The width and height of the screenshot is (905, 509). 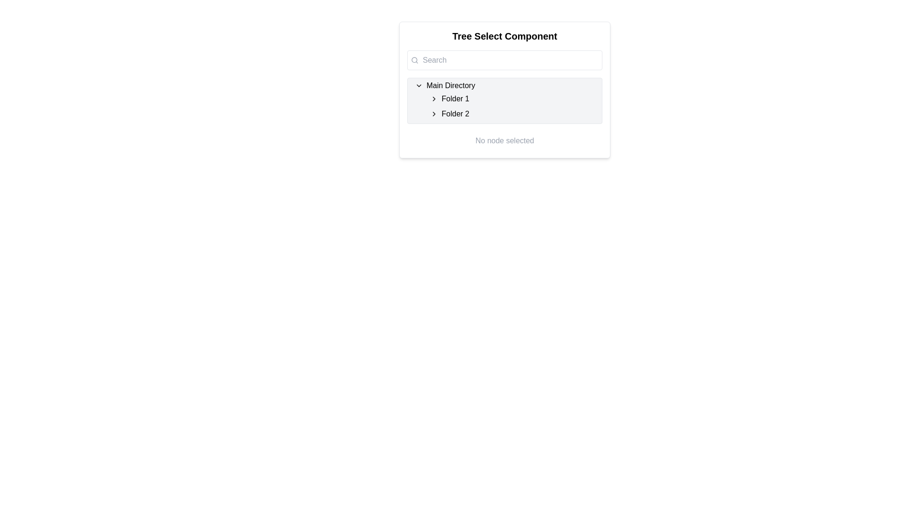 What do you see at coordinates (434, 114) in the screenshot?
I see `the small right-pointing chevron icon next to the 'Folder 2' text in the hierarchy panel` at bounding box center [434, 114].